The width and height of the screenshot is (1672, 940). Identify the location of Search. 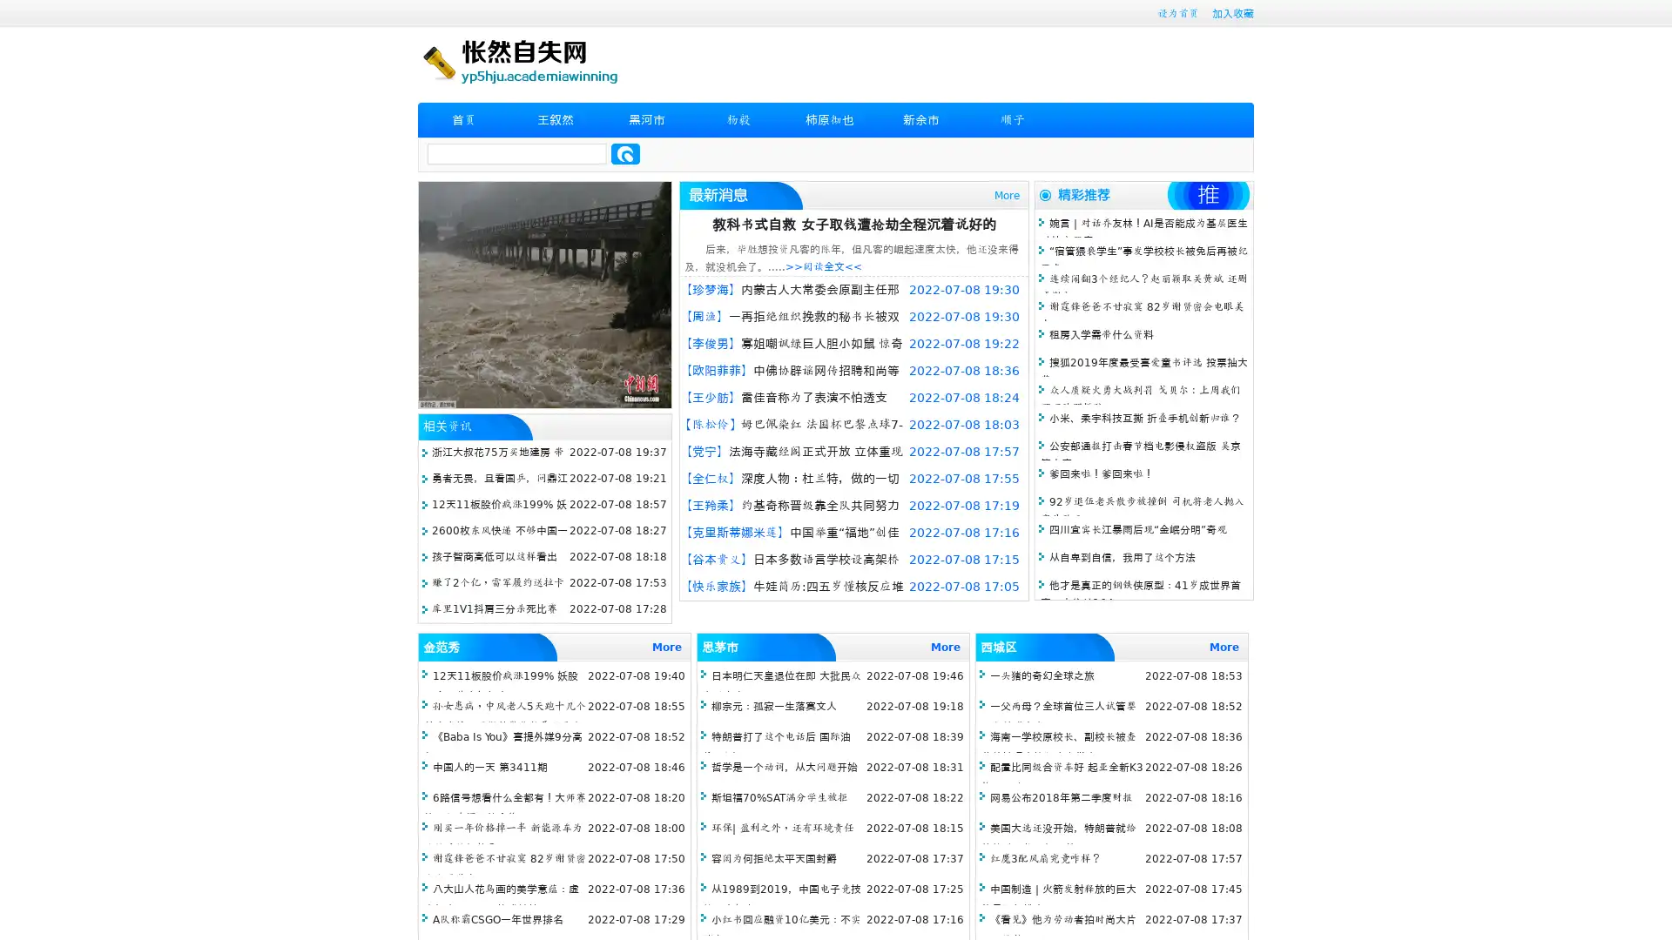
(625, 153).